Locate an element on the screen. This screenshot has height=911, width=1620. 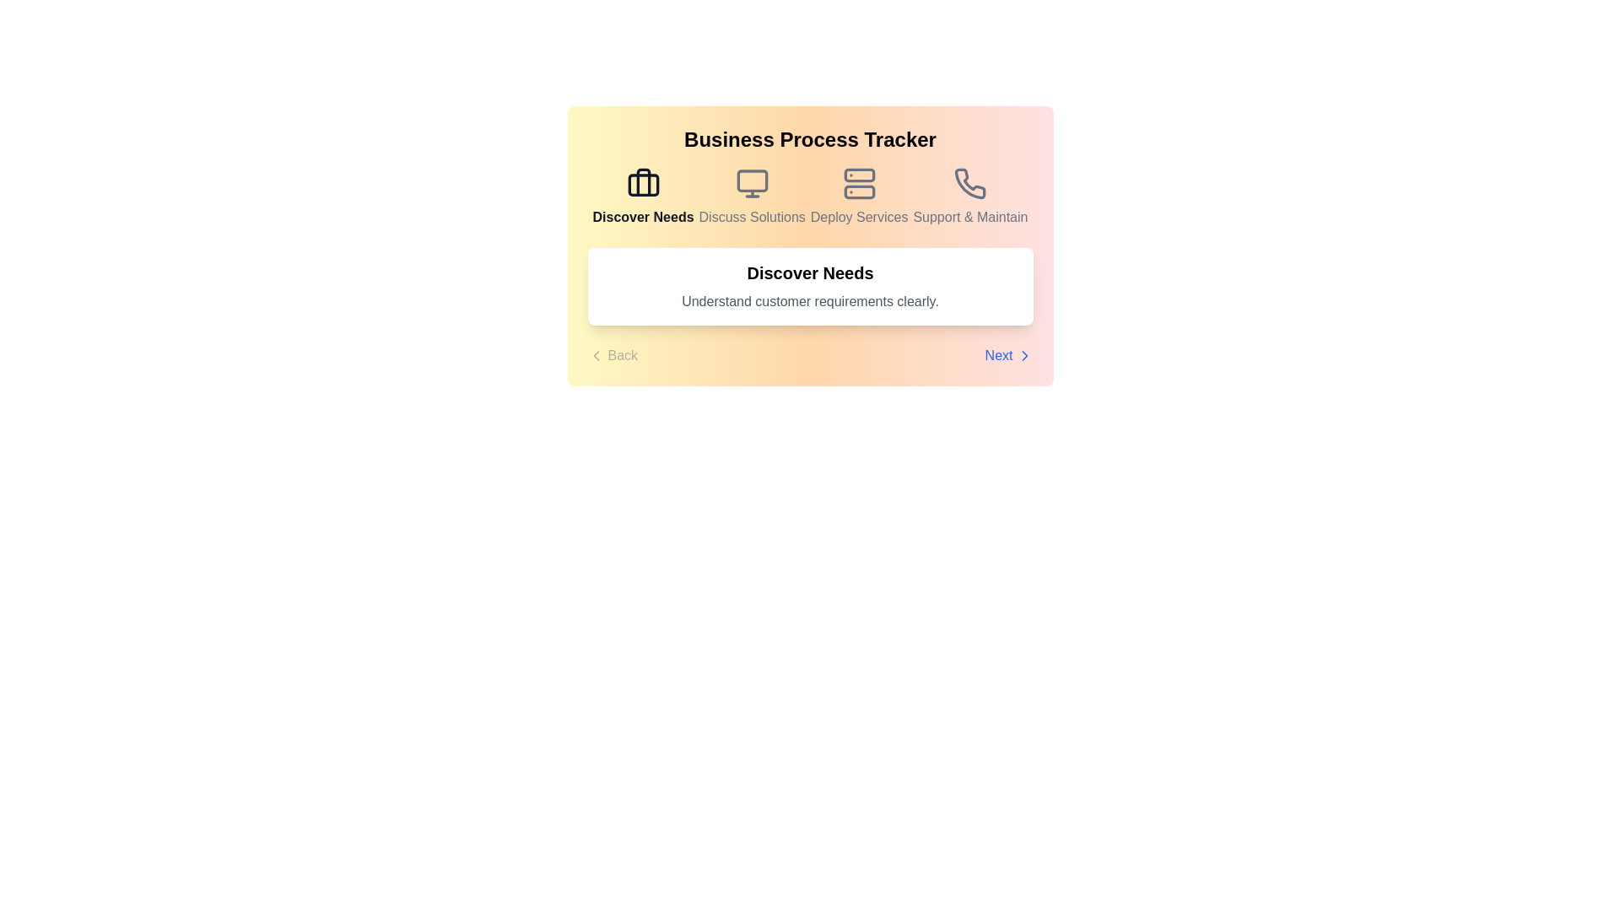
the 'Back' button to navigate to the previous step is located at coordinates (611, 354).